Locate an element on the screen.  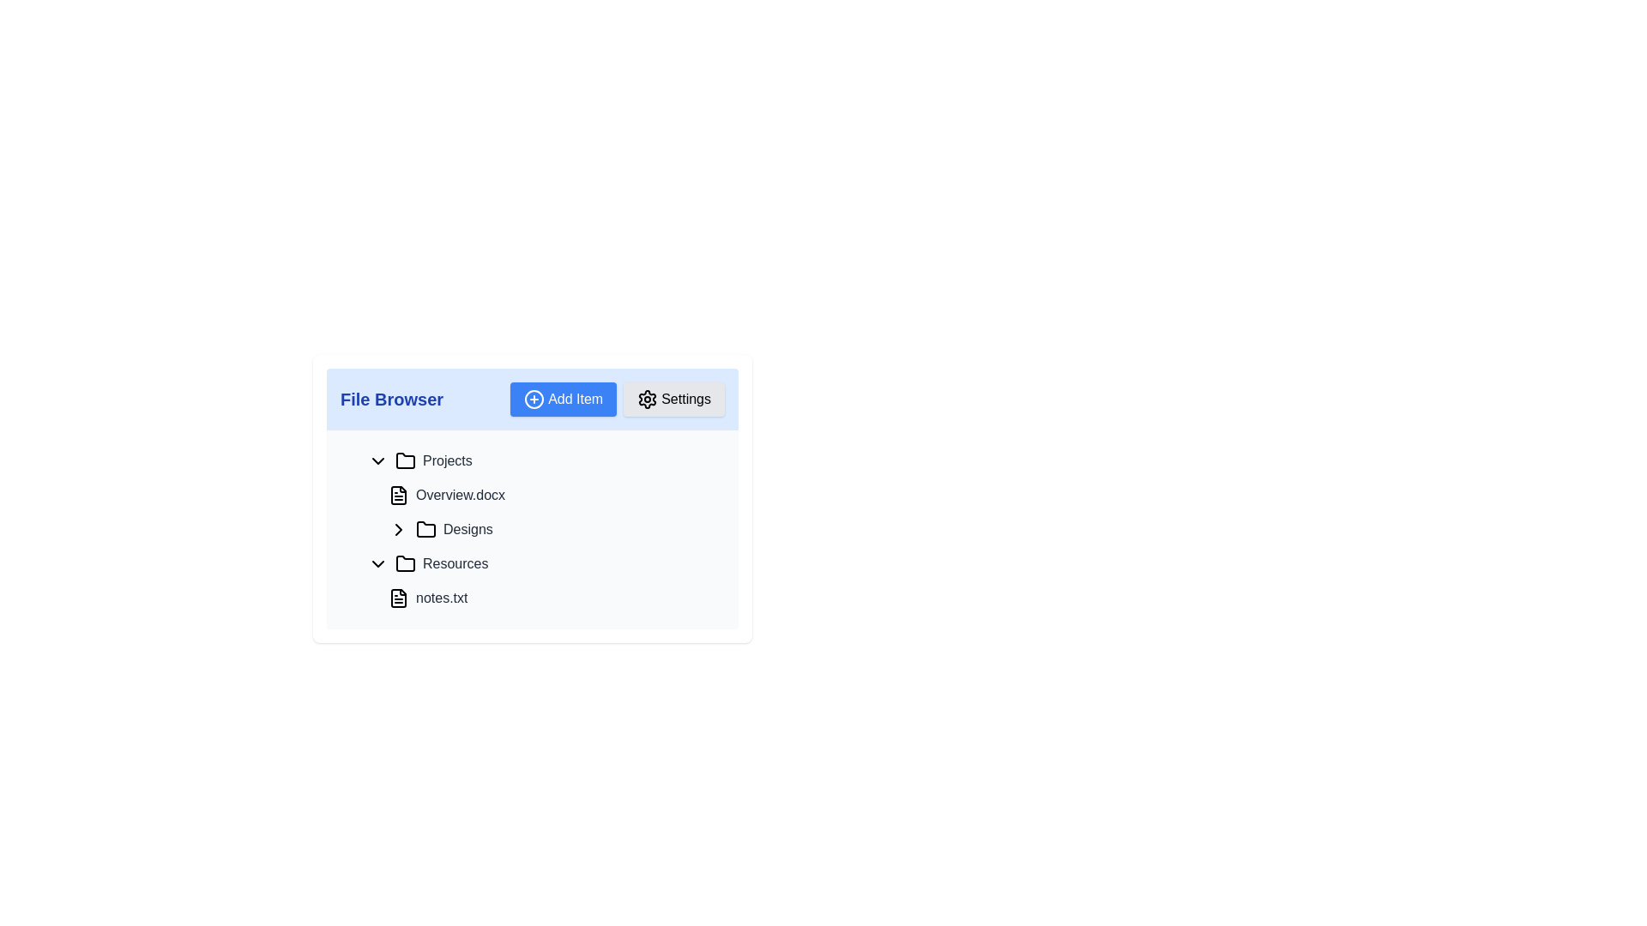
the 'Settings' text label which is styled with dark text on a light gray background, located in the top-right corner of the interface next to a gear icon is located at coordinates (686, 400).